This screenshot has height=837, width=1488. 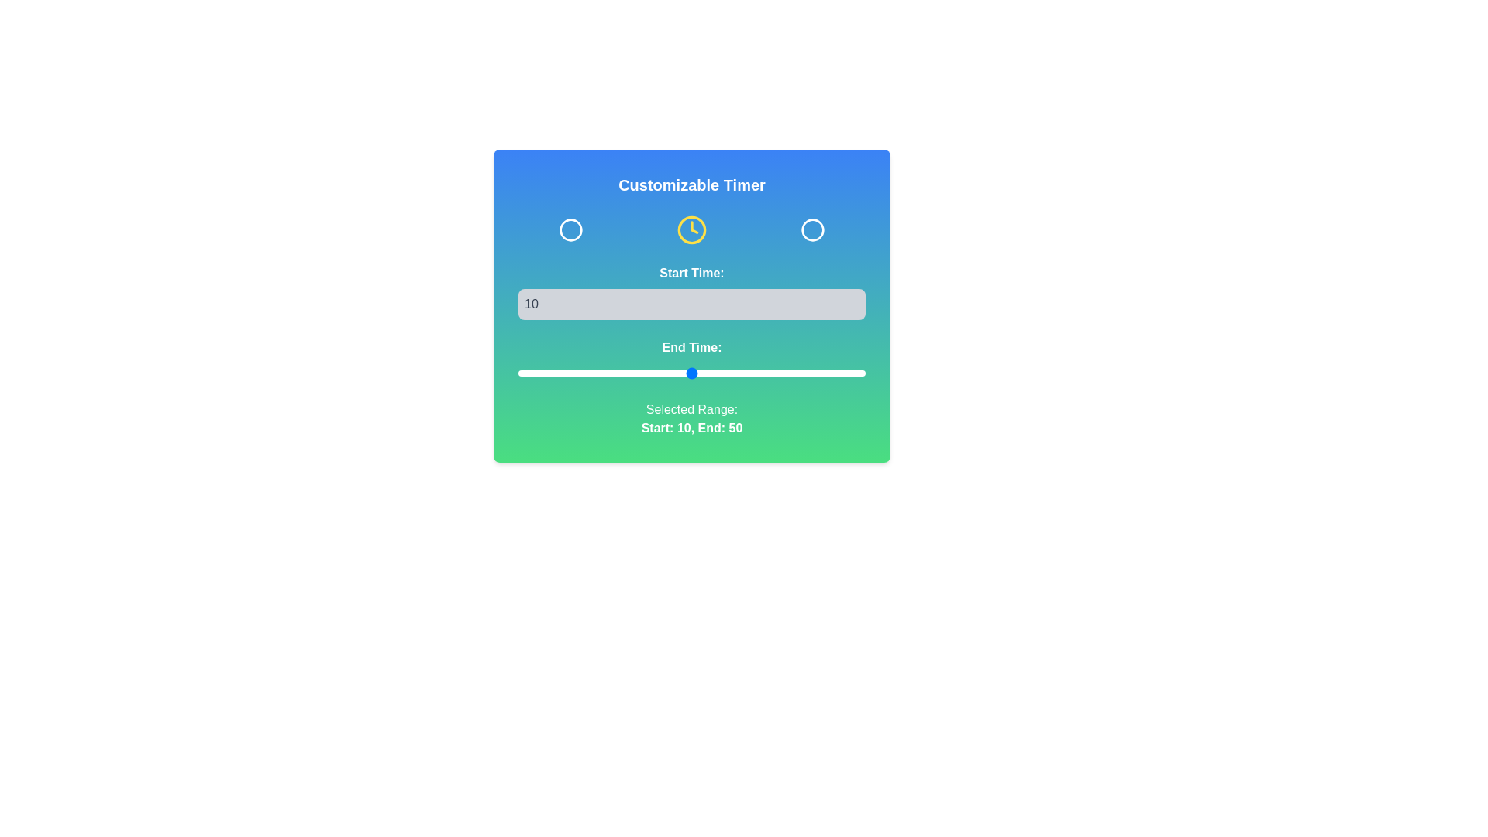 I want to click on the Text label that indicates the start and end values of the selected range, located at the bottom of the card containing the customizable timer, so click(x=691, y=418).